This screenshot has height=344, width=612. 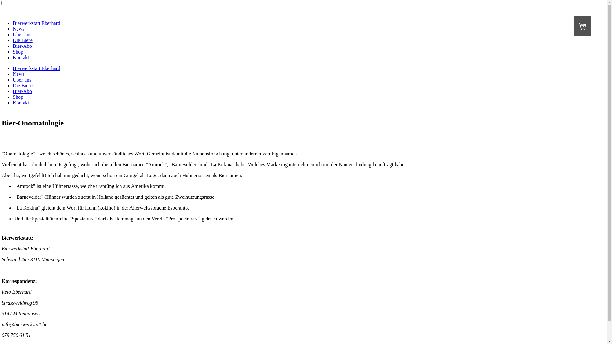 I want to click on 'Bier-Abo', so click(x=22, y=91).